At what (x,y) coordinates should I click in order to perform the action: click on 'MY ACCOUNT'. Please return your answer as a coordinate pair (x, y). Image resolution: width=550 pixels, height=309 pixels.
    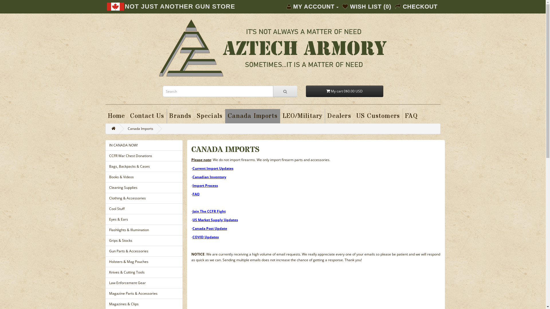
    Looking at the image, I should click on (287, 7).